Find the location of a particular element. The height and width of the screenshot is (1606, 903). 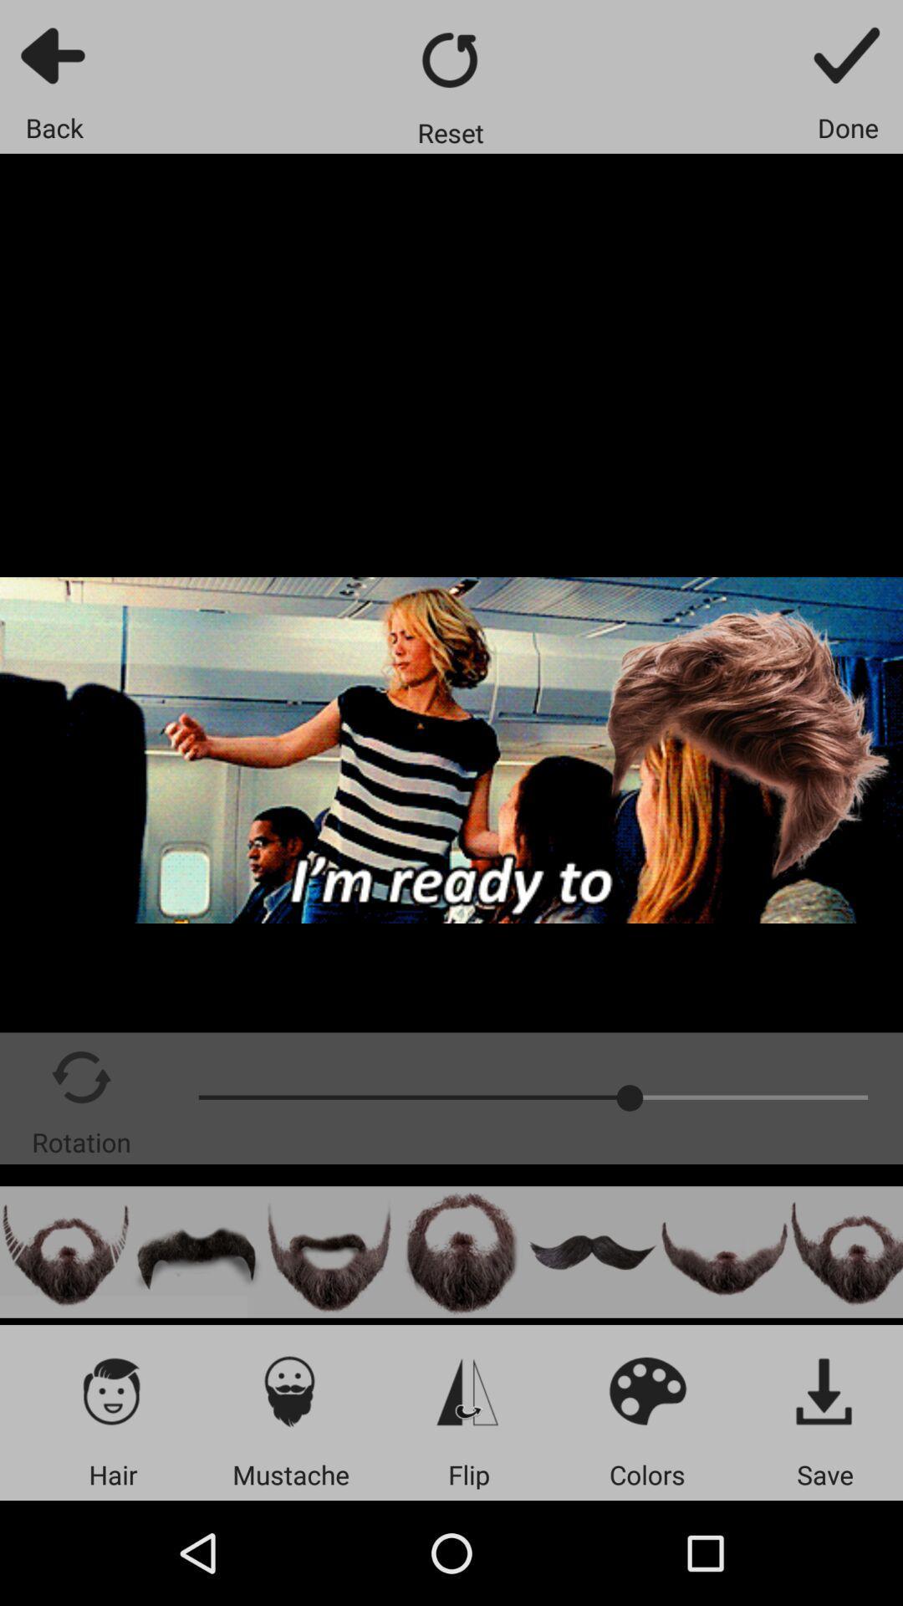

reset page is located at coordinates (450, 59).